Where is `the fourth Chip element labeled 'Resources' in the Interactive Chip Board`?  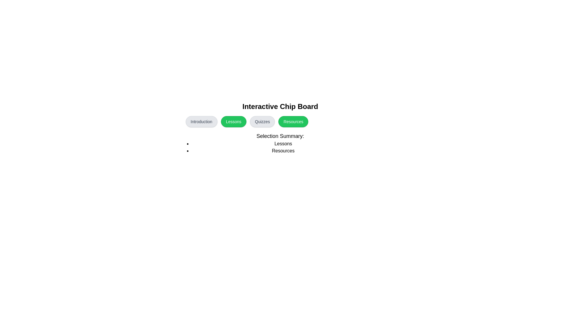
the fourth Chip element labeled 'Resources' in the Interactive Chip Board is located at coordinates (280, 121).